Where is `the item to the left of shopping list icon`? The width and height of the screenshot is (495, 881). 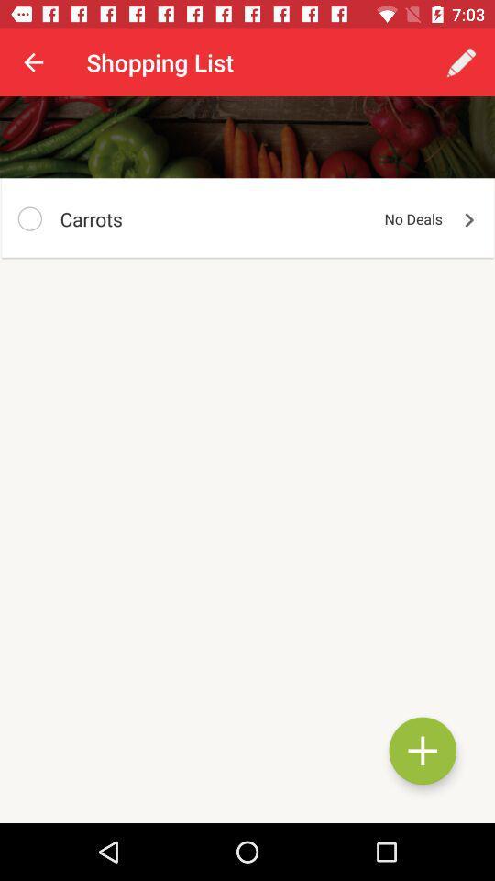
the item to the left of shopping list icon is located at coordinates (33, 62).